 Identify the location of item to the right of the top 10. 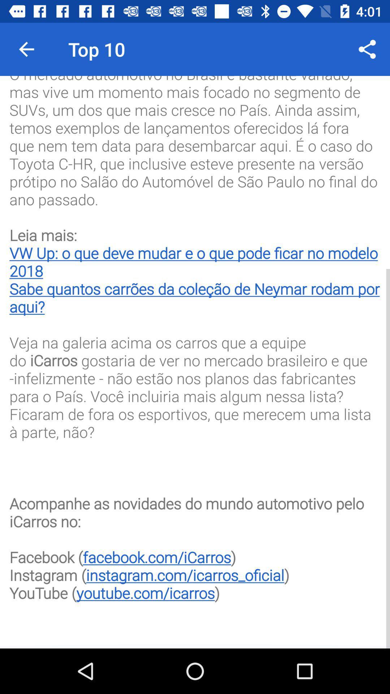
(367, 49).